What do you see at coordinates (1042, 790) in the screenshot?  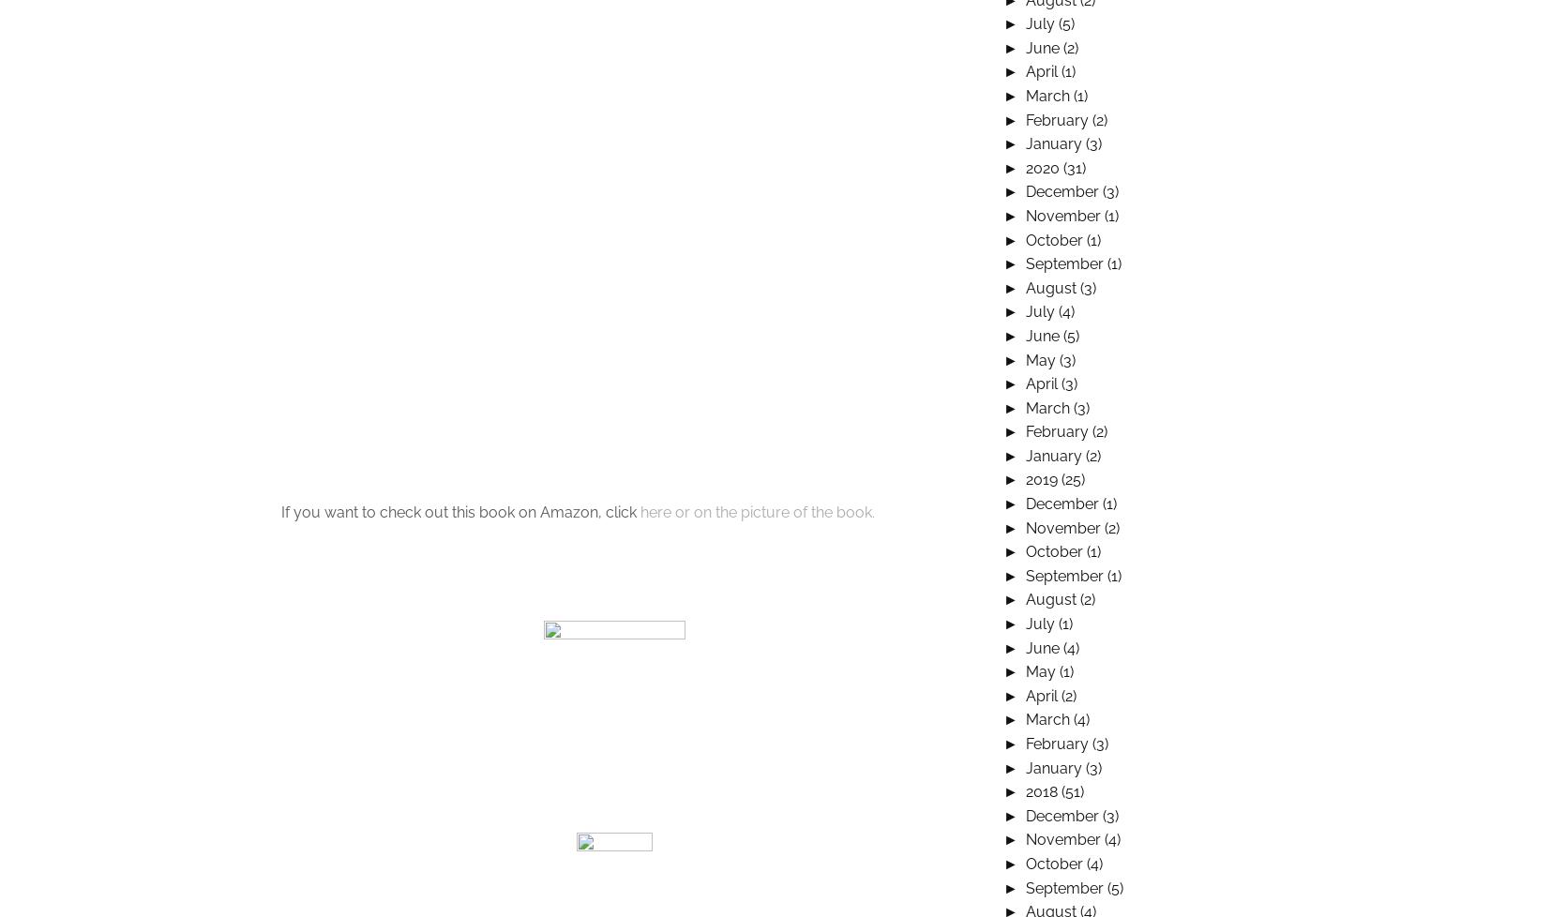 I see `'2018'` at bounding box center [1042, 790].